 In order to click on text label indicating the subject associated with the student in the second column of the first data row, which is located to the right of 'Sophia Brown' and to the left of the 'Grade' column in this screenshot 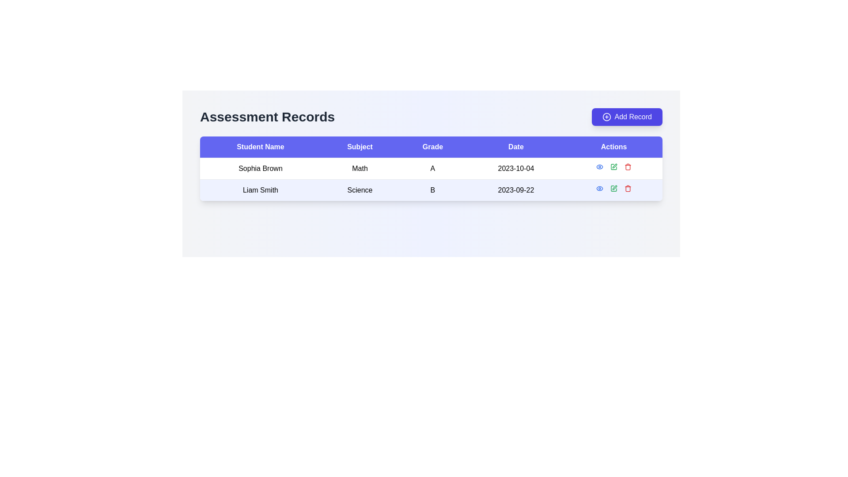, I will do `click(360, 168)`.